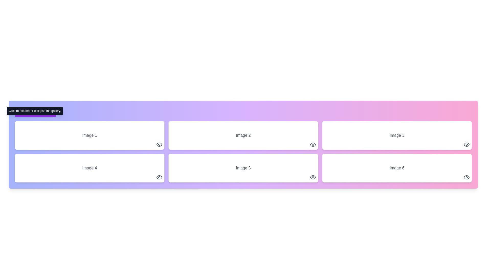 The height and width of the screenshot is (276, 491). What do you see at coordinates (243, 135) in the screenshot?
I see `the 'Image 2' text label to change its color from gray to black` at bounding box center [243, 135].